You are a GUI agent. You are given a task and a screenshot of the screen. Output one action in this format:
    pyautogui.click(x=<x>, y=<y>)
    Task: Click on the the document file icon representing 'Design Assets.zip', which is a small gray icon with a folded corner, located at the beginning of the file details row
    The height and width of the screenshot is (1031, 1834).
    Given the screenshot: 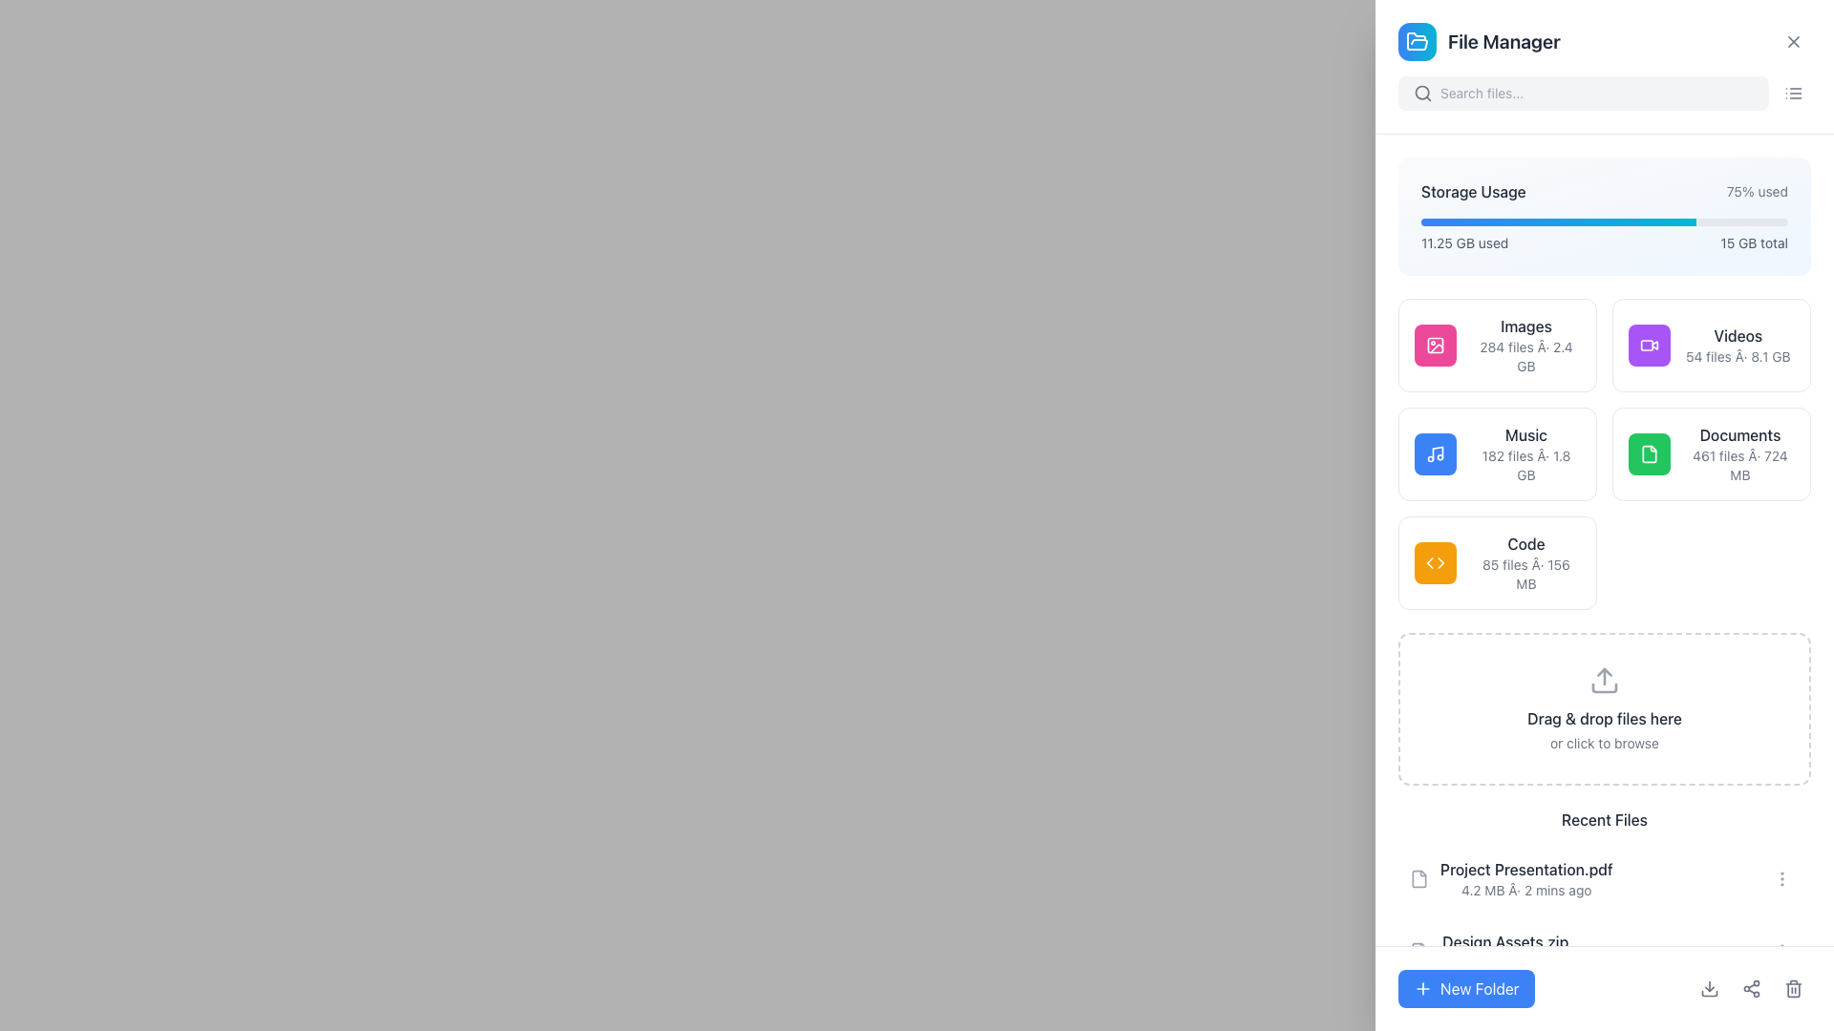 What is the action you would take?
    pyautogui.click(x=1419, y=951)
    